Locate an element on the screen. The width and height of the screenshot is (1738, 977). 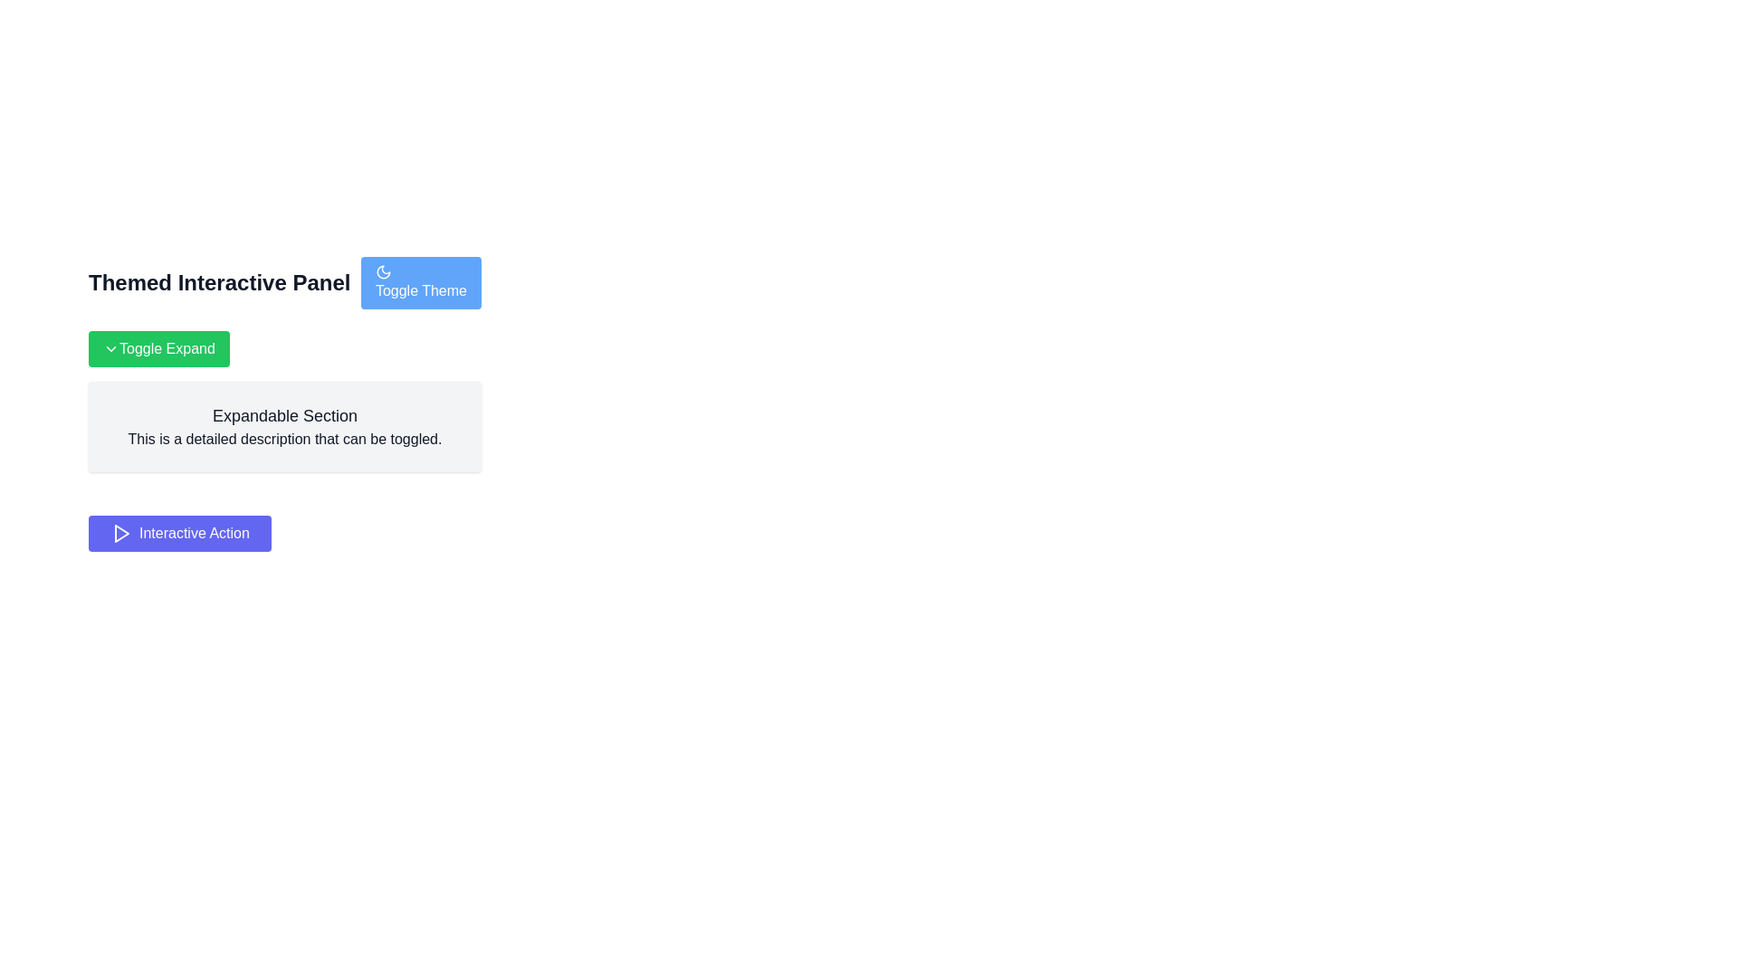
the rectangular button with a blue background labeled 'Interactive Action' to initiate an action is located at coordinates (284, 523).